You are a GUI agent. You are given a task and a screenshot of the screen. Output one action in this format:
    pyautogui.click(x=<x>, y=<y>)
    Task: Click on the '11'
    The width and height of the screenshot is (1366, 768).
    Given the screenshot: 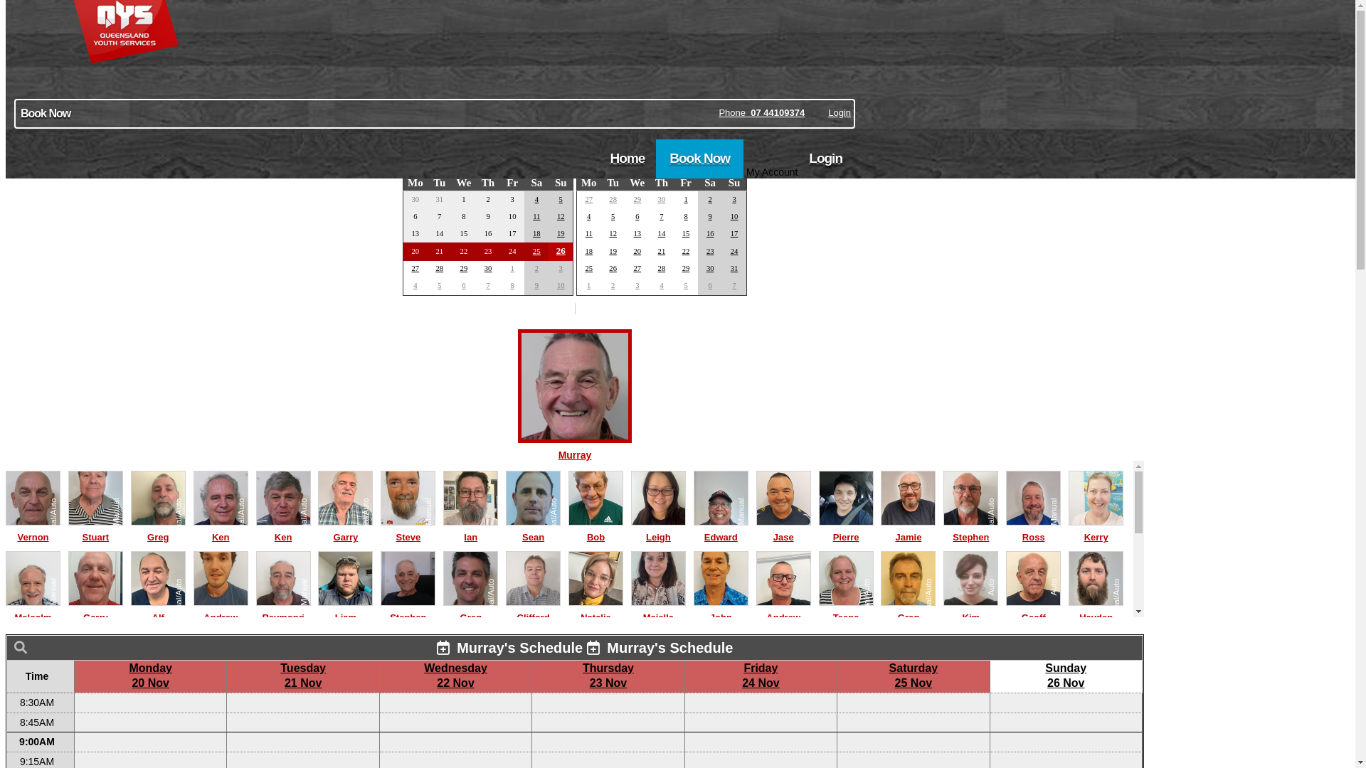 What is the action you would take?
    pyautogui.click(x=589, y=233)
    